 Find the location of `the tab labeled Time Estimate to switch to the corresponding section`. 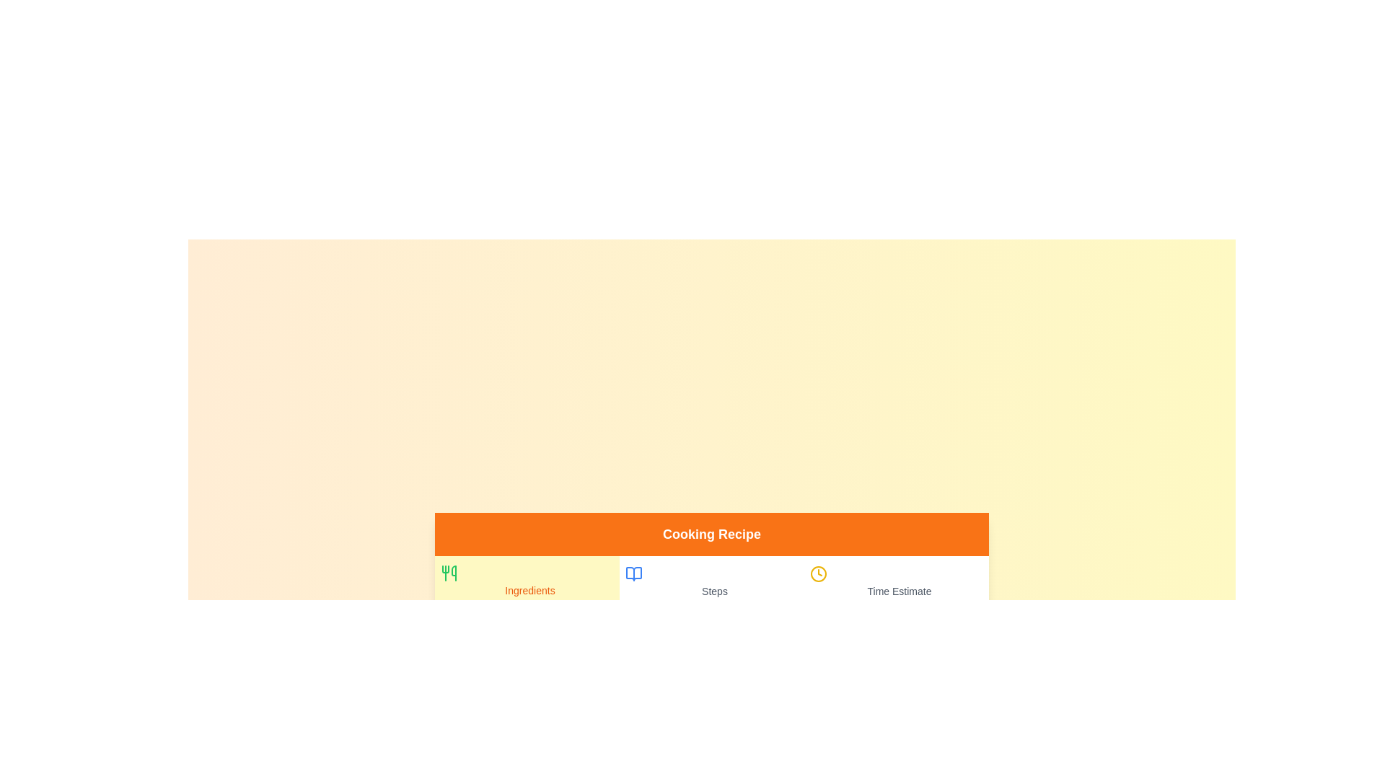

the tab labeled Time Estimate to switch to the corresponding section is located at coordinates (896, 581).